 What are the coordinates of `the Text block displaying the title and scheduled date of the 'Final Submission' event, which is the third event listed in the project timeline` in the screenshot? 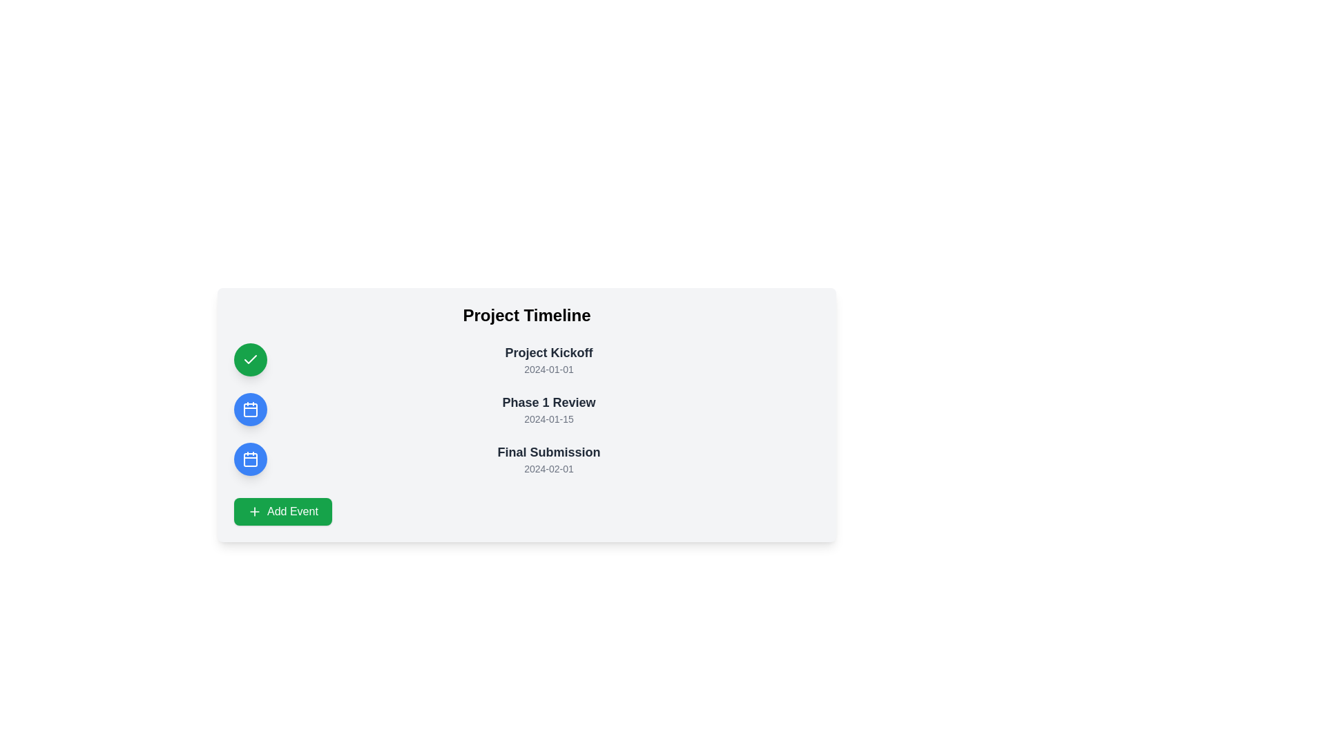 It's located at (548, 459).